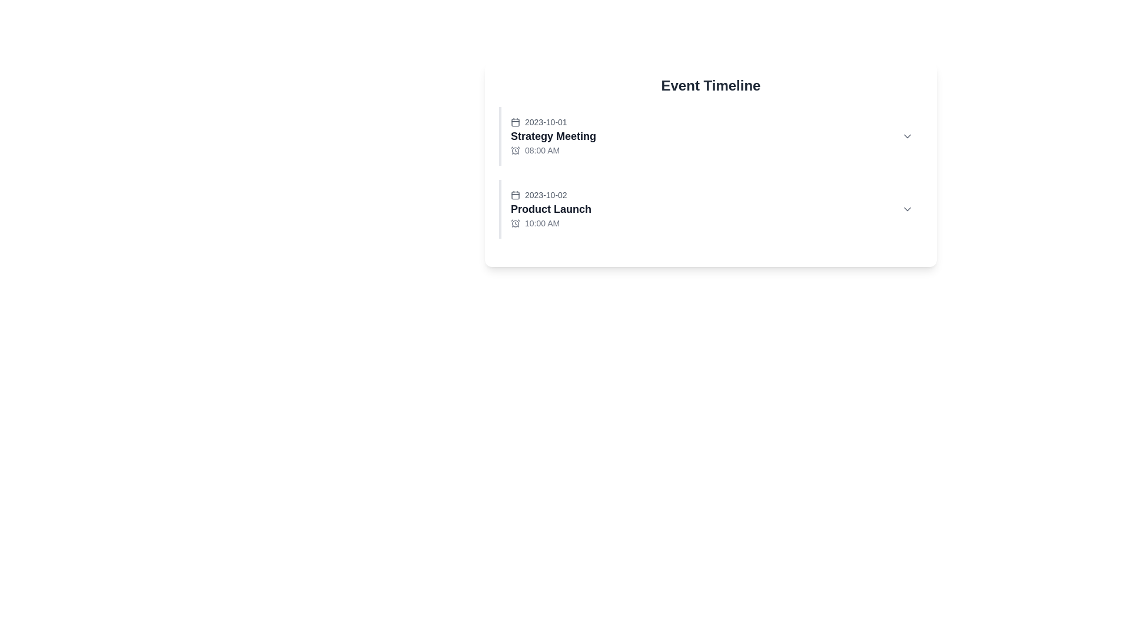  Describe the element at coordinates (906, 208) in the screenshot. I see `the interactive icon at the far right of the row presenting '2023-10-02 Product Launch 10:00 AM'` at that location.